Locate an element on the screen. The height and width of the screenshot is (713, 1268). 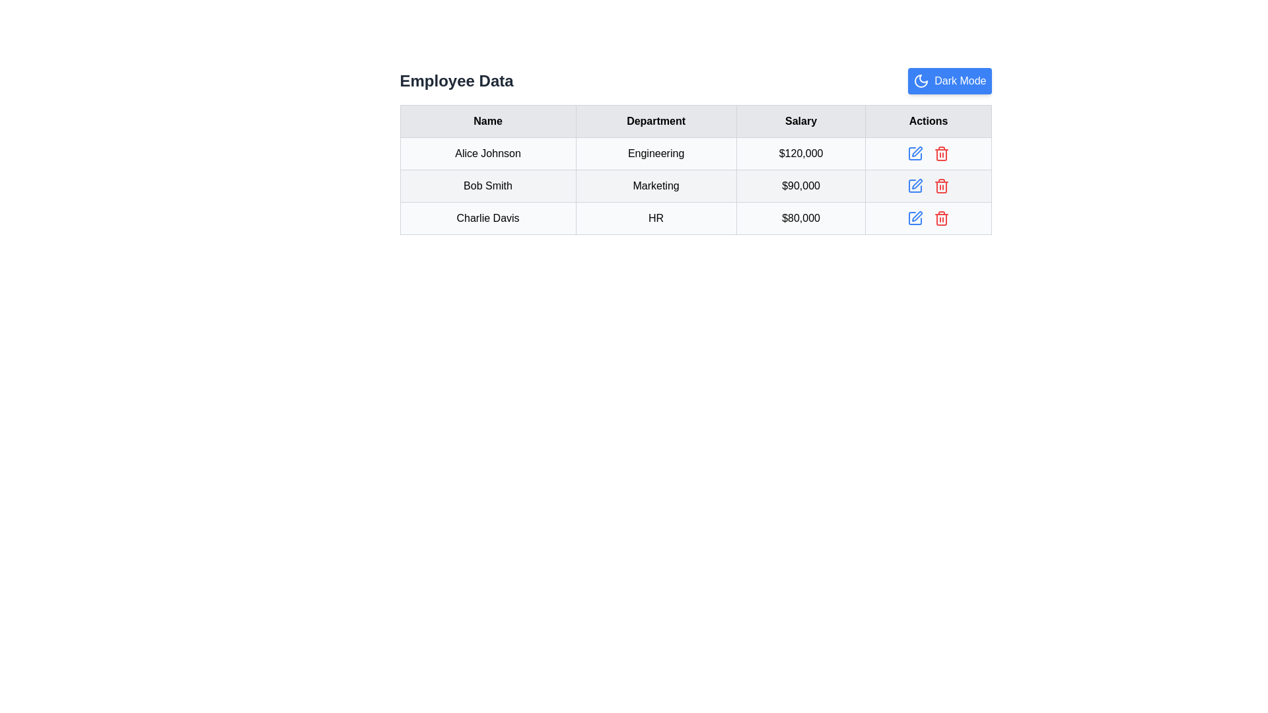
the numeric salary display located in the third cell of the first row under the 'Salary' column, positioned between the 'Department' and 'Actions' cells is located at coordinates (800, 153).